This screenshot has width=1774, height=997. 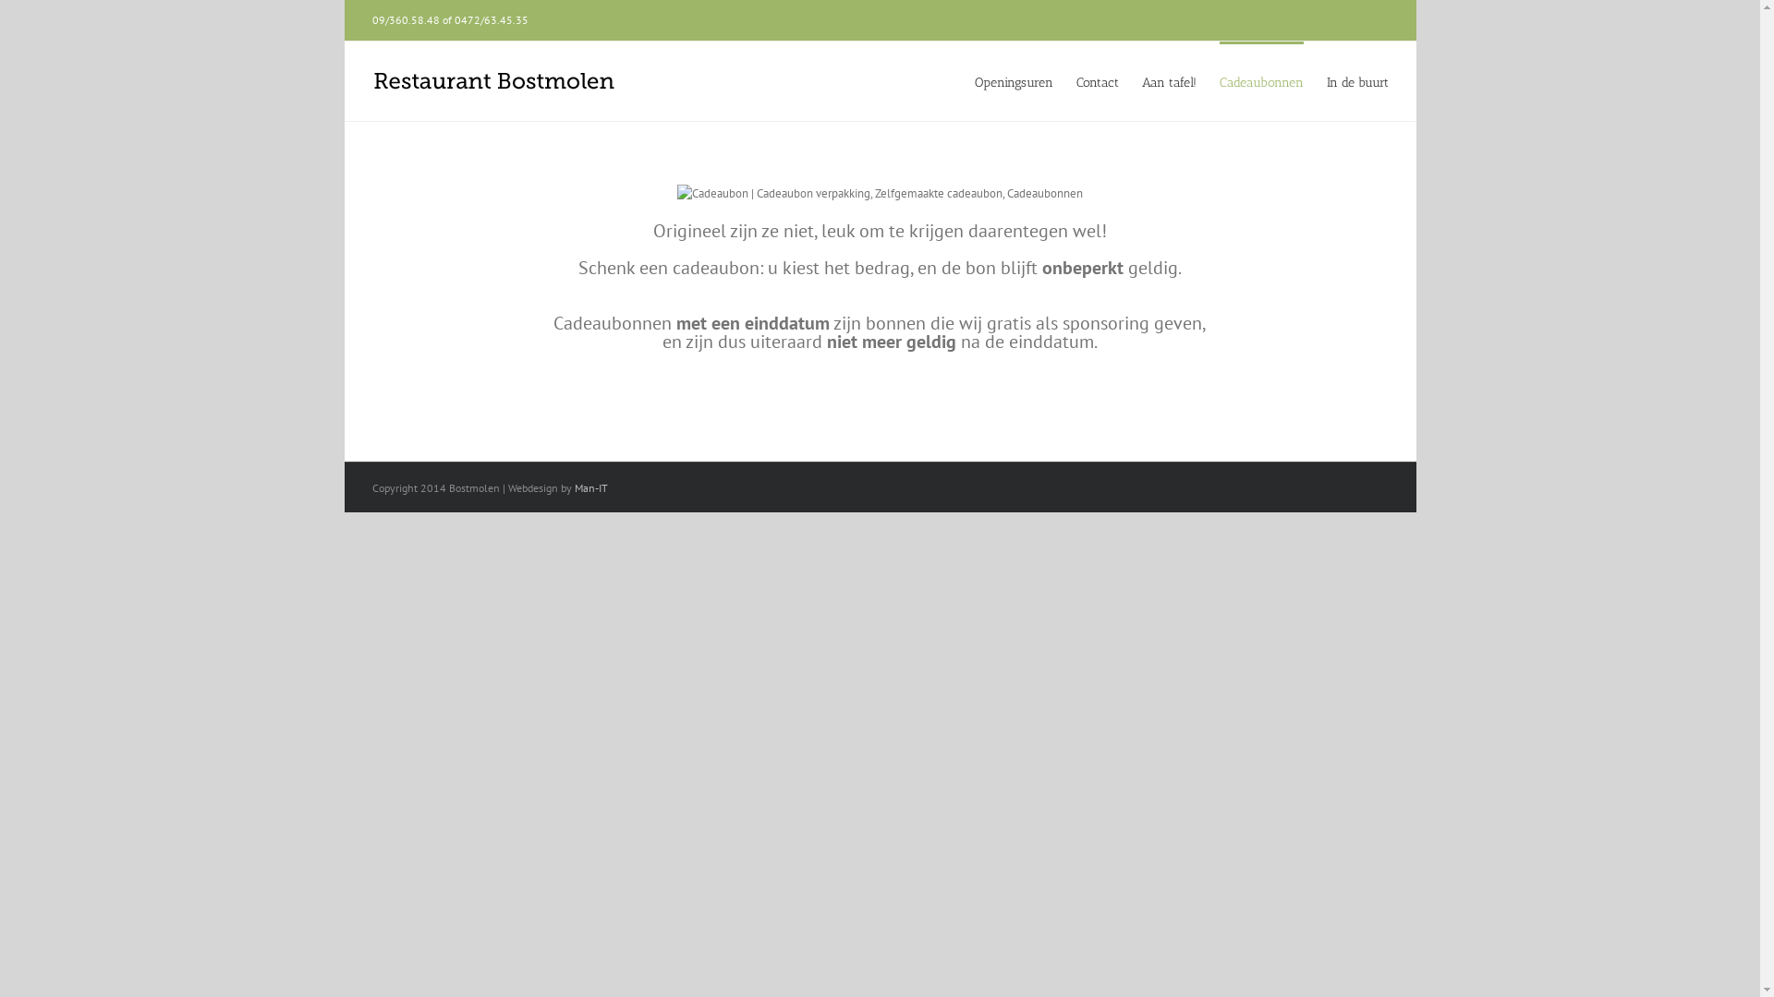 What do you see at coordinates (1325, 80) in the screenshot?
I see `'In de buurt'` at bounding box center [1325, 80].